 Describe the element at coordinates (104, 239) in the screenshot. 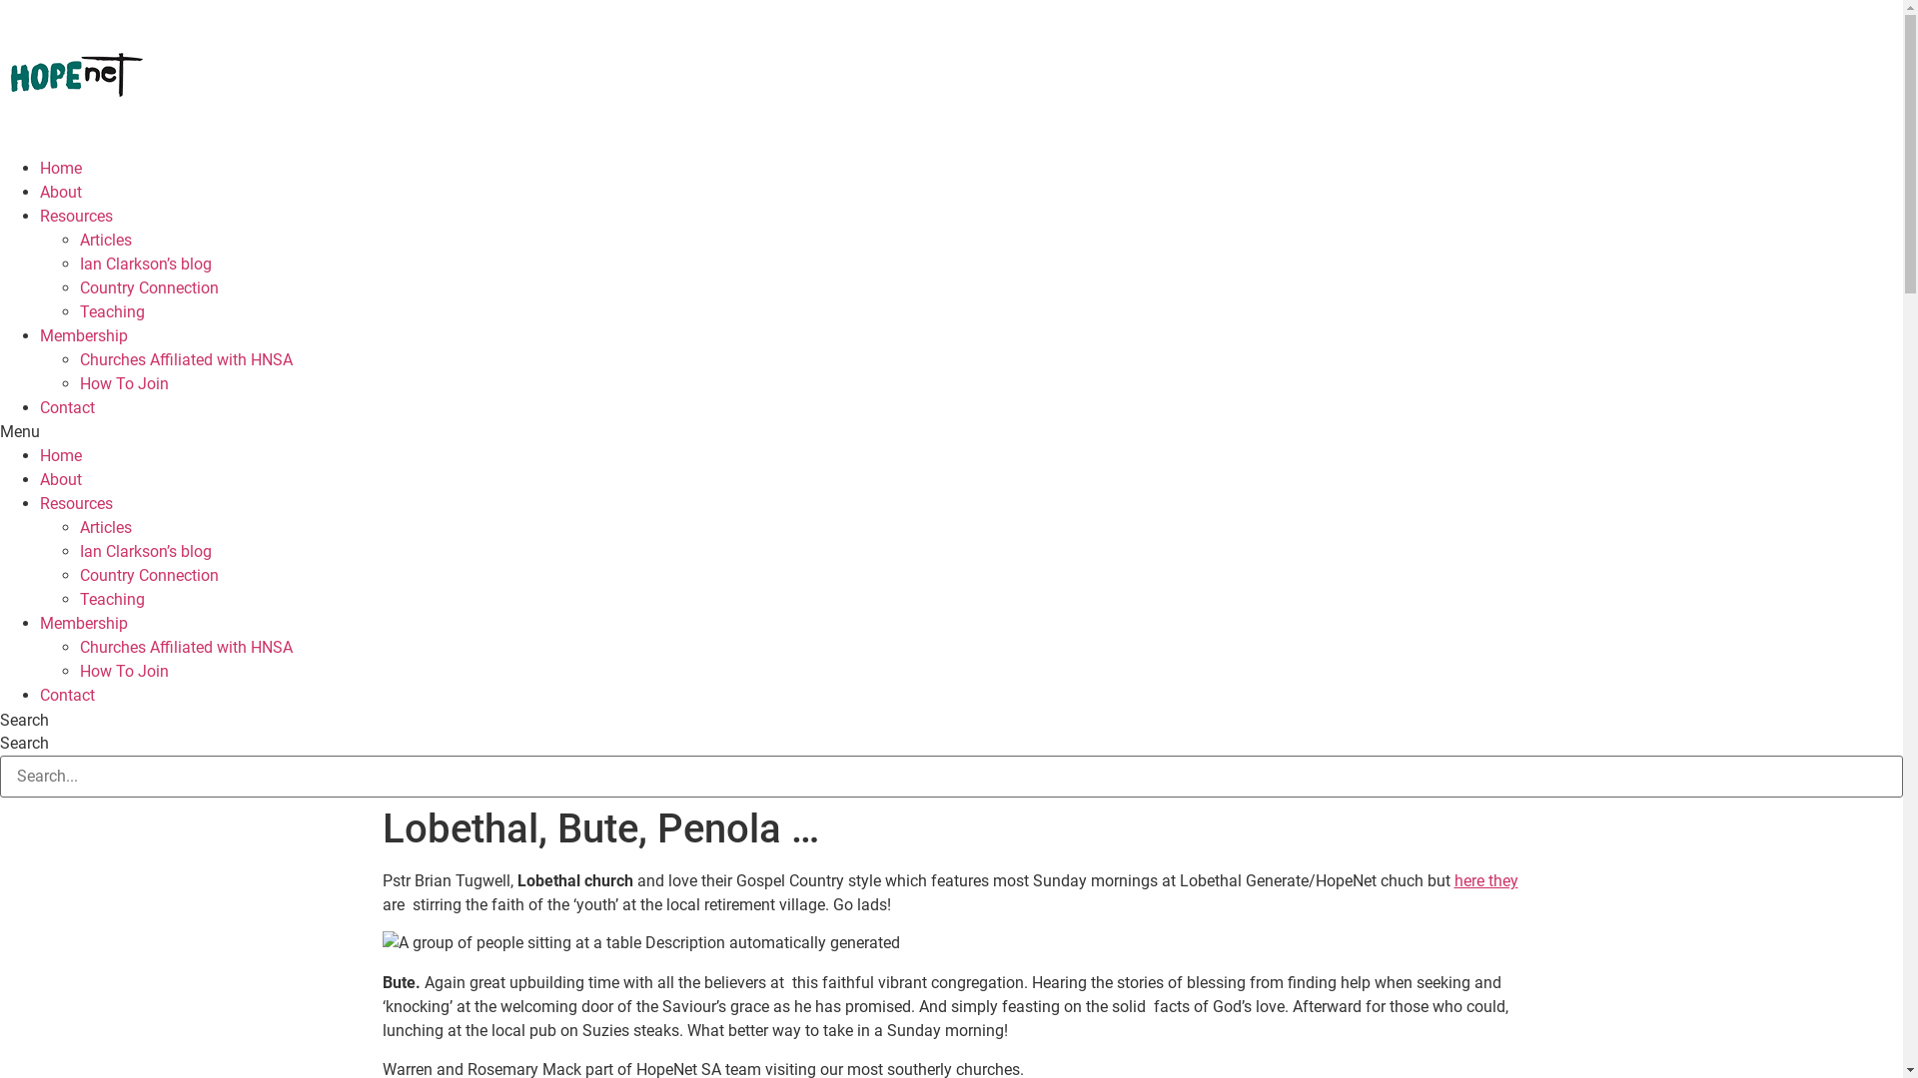

I see `'Articles'` at that location.